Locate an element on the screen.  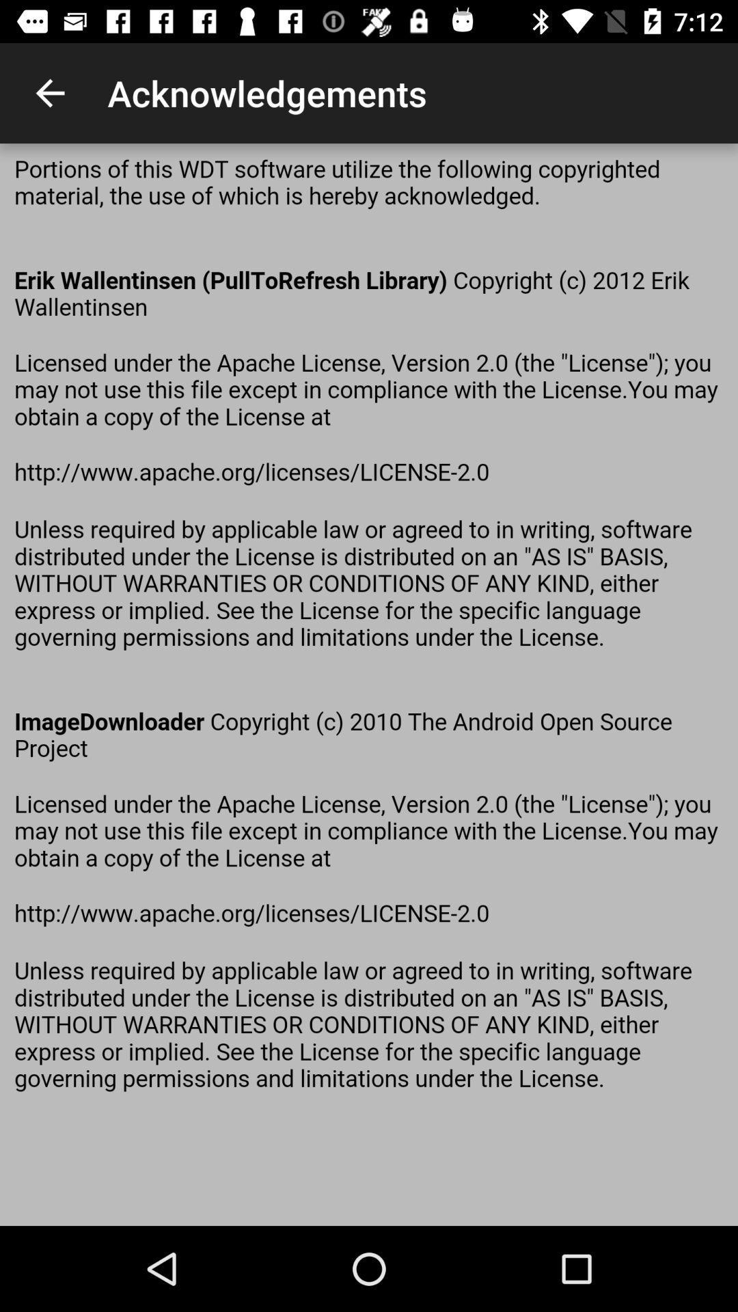
files is located at coordinates (369, 685).